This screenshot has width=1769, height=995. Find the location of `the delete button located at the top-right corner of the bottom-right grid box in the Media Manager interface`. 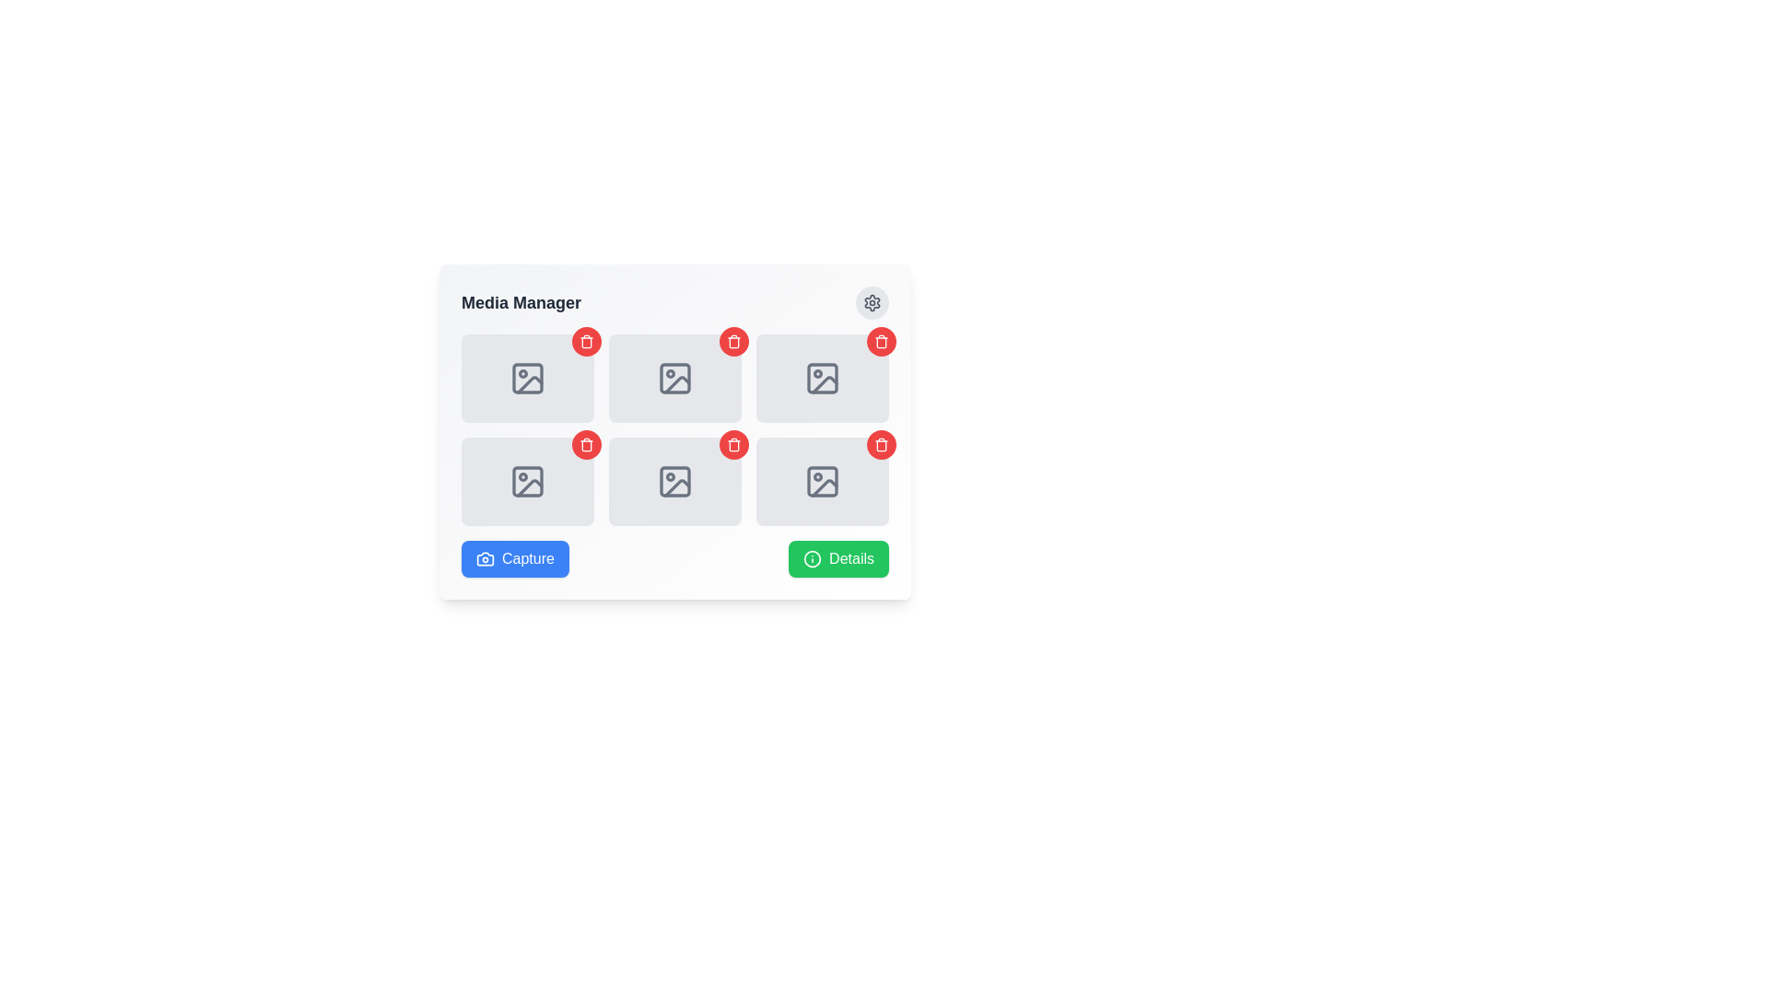

the delete button located at the top-right corner of the bottom-right grid box in the Media Manager interface is located at coordinates (880, 444).